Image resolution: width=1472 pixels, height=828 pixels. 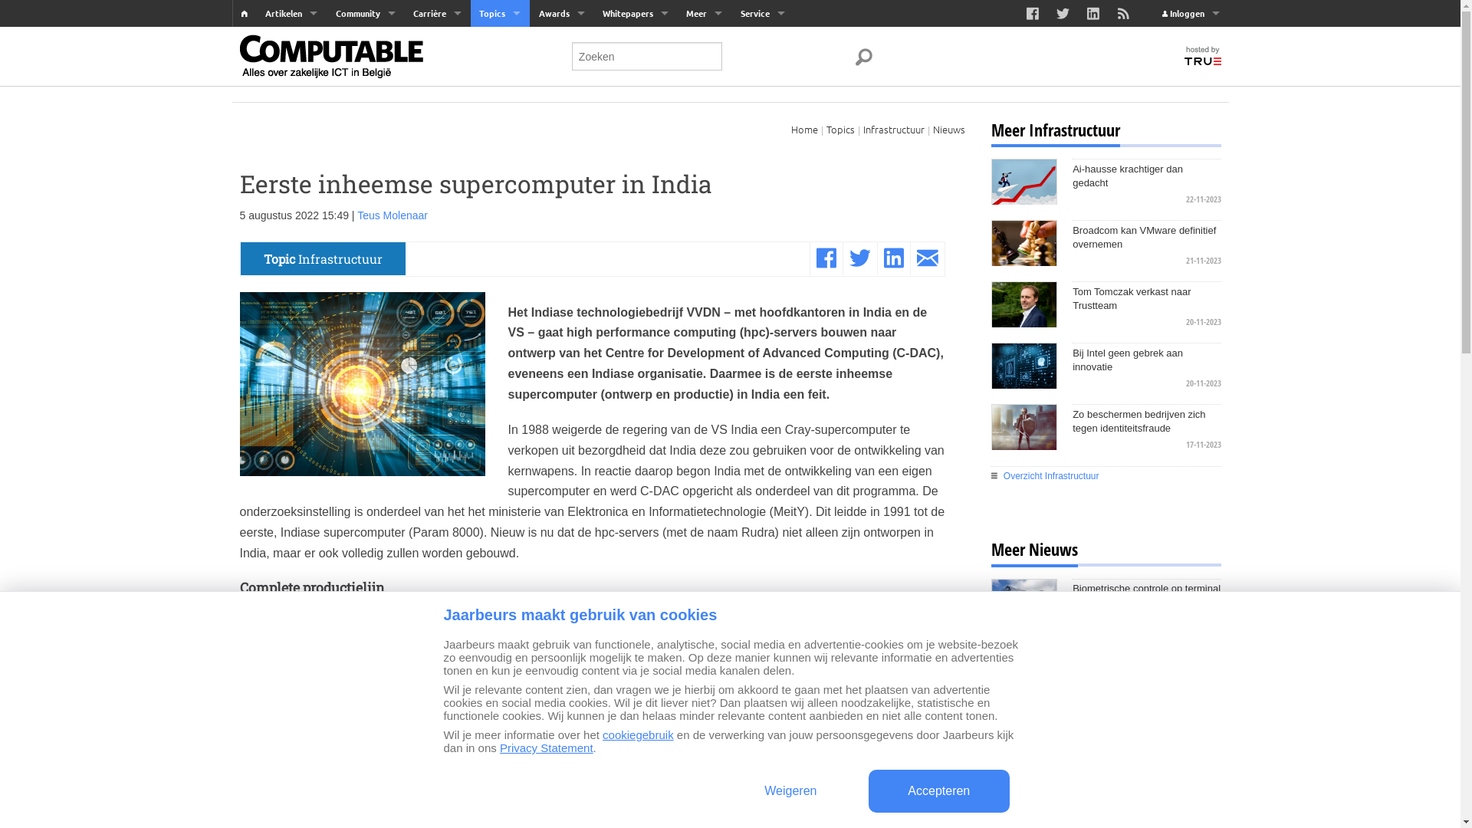 What do you see at coordinates (393, 215) in the screenshot?
I see `'Teus Molenaar'` at bounding box center [393, 215].